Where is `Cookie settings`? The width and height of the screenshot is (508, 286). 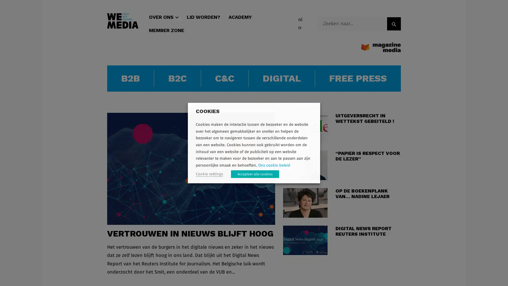
Cookie settings is located at coordinates (209, 174).